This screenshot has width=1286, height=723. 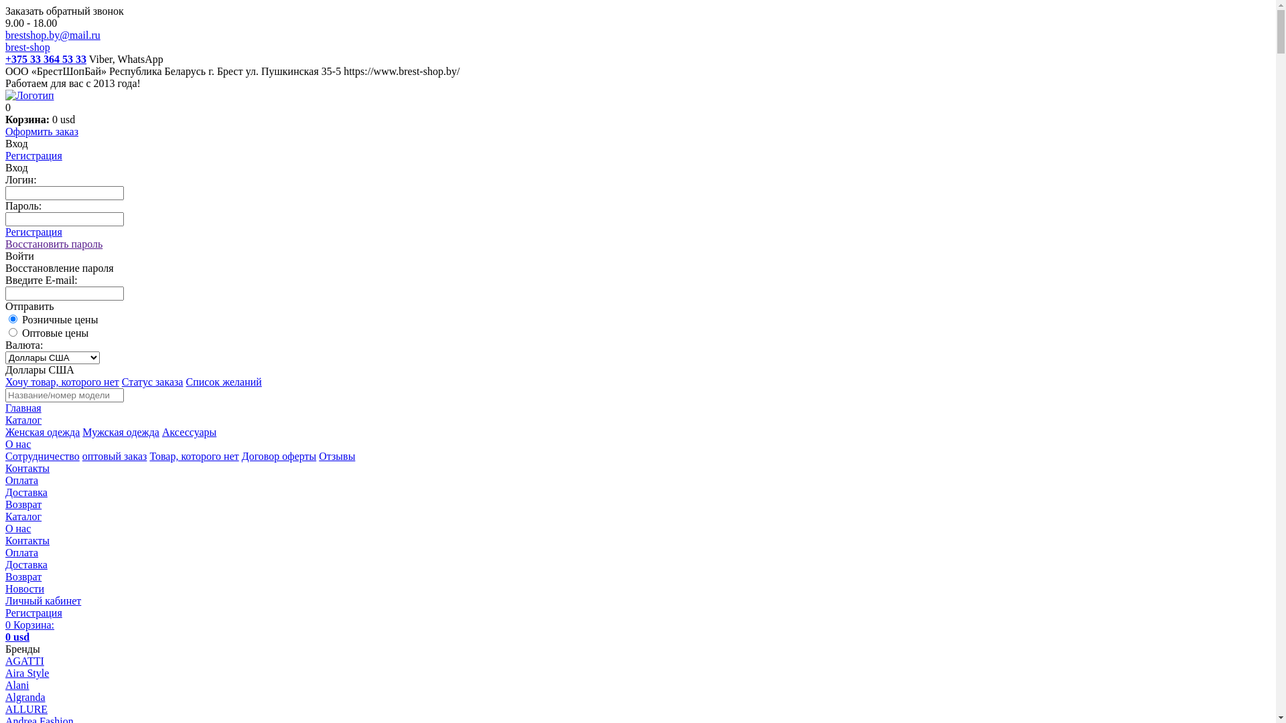 I want to click on 'AGATTI', so click(x=25, y=660).